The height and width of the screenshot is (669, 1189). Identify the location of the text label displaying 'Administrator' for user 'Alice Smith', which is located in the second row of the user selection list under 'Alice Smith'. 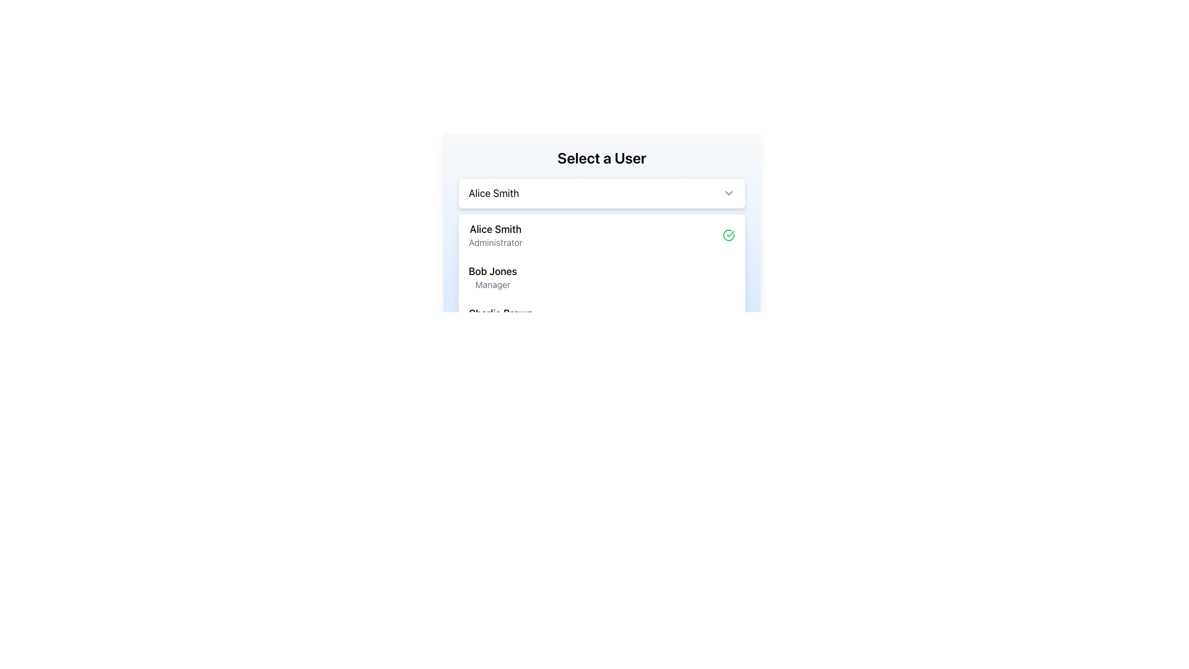
(495, 243).